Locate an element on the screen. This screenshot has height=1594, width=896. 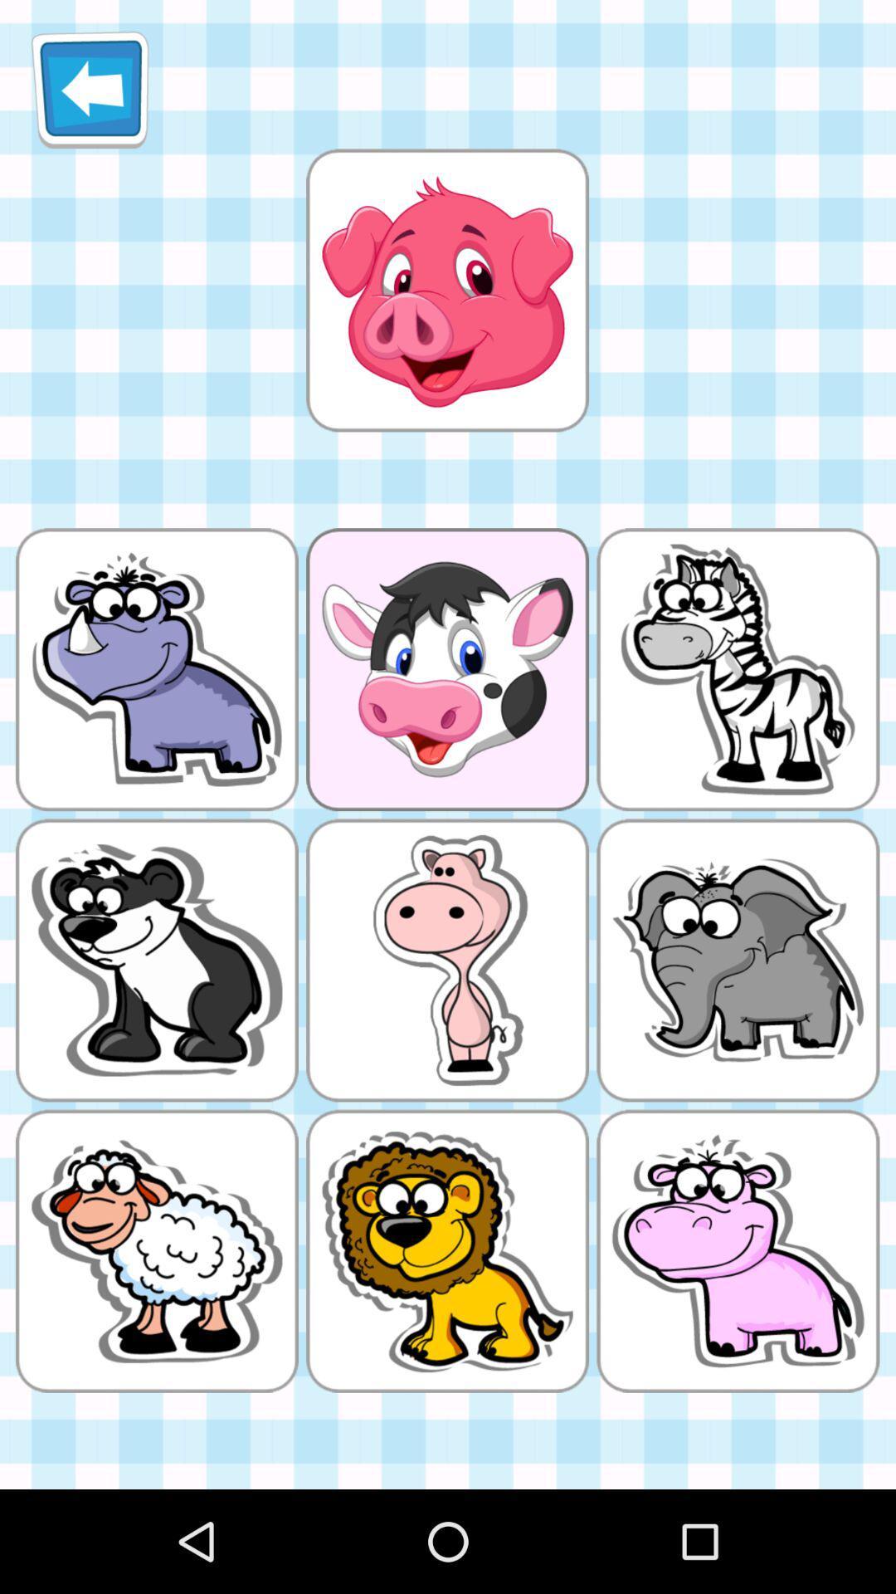
emogi is located at coordinates (446, 290).